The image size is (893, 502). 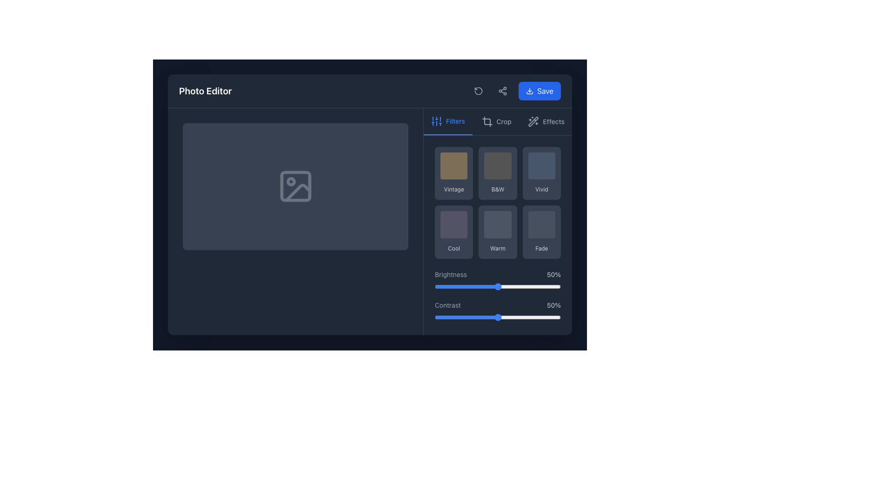 I want to click on the 'Crop' button, which is the second button in a series of three, so click(x=496, y=121).